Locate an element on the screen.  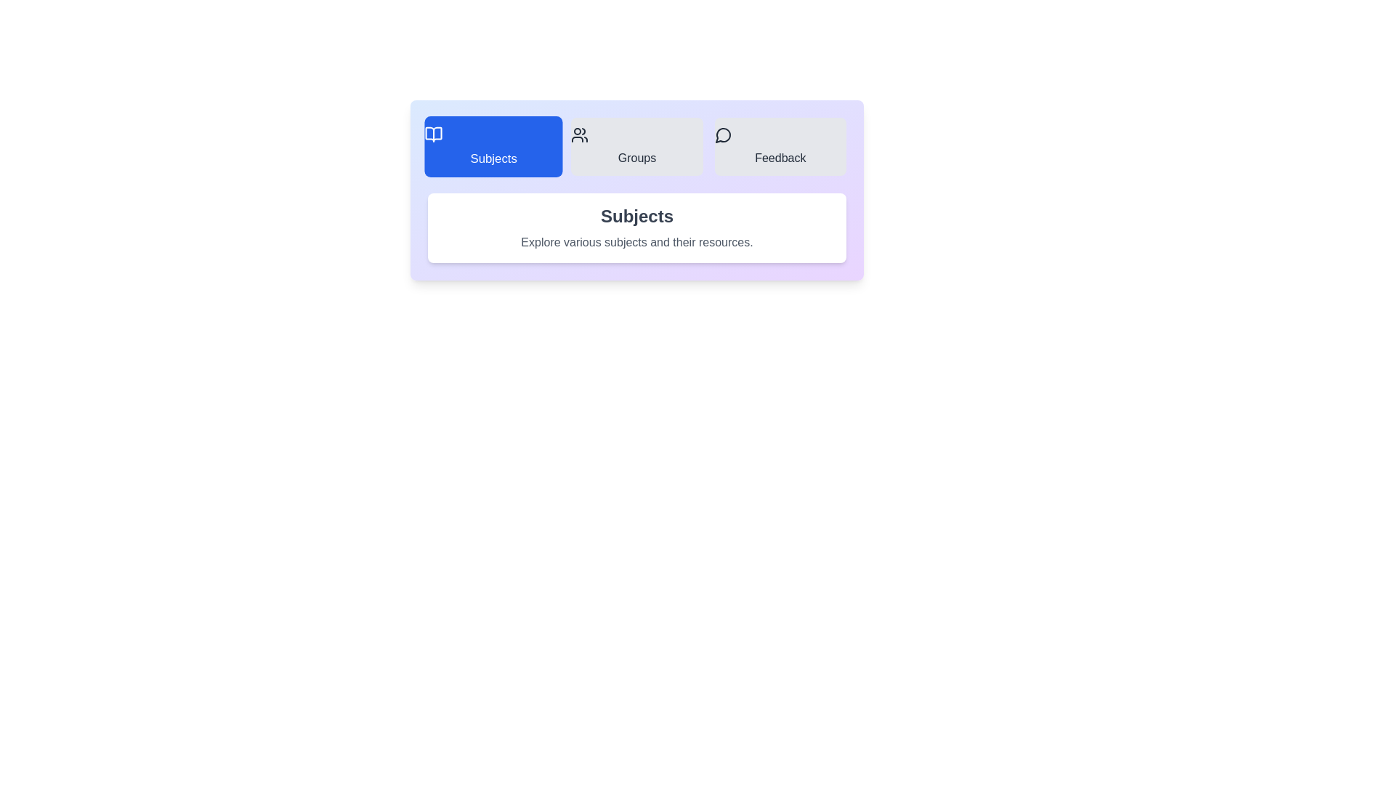
the tab labeled 'Groups' to switch to it is located at coordinates (637, 146).